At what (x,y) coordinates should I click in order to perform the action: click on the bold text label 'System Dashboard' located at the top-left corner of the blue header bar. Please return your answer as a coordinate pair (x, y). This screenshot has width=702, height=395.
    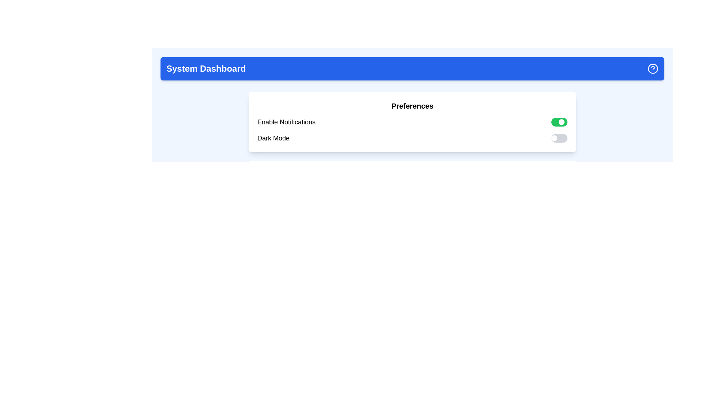
    Looking at the image, I should click on (205, 69).